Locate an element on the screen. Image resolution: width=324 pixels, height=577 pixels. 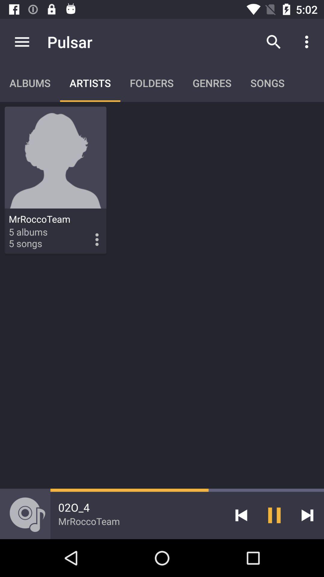
item next to 02o_4 is located at coordinates (241, 515).